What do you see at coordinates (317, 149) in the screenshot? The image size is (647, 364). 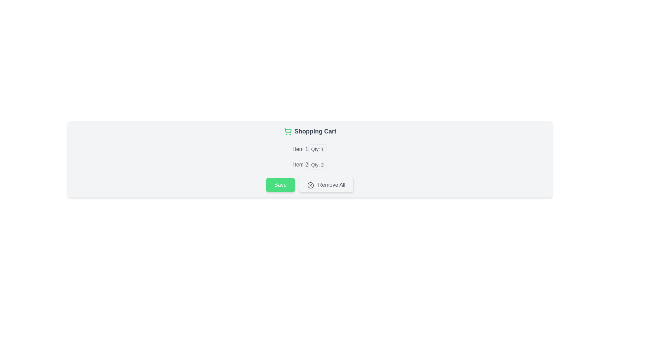 I see `the static text label displaying 'Qty: 1' which is styled with a rounded rectangular border and located on the right side of the 'Item 1' information row` at bounding box center [317, 149].